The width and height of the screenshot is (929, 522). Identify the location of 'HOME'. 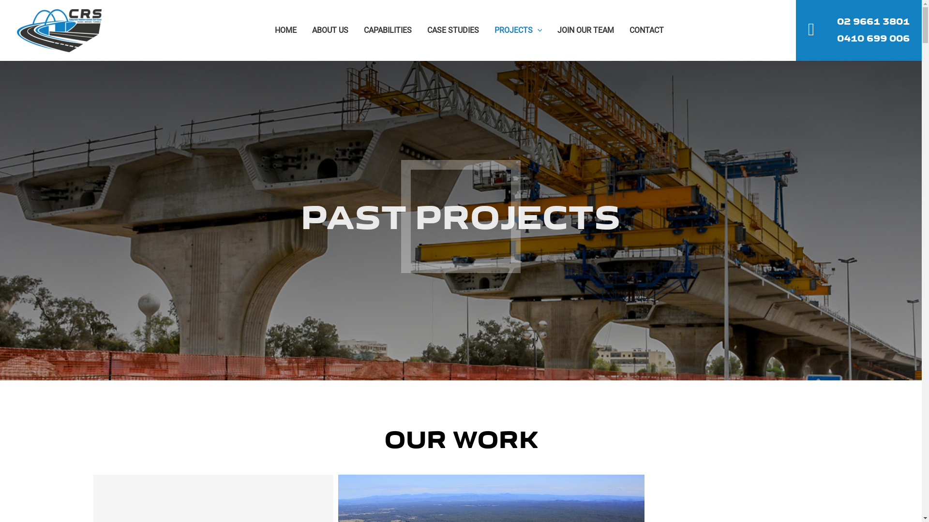
(285, 29).